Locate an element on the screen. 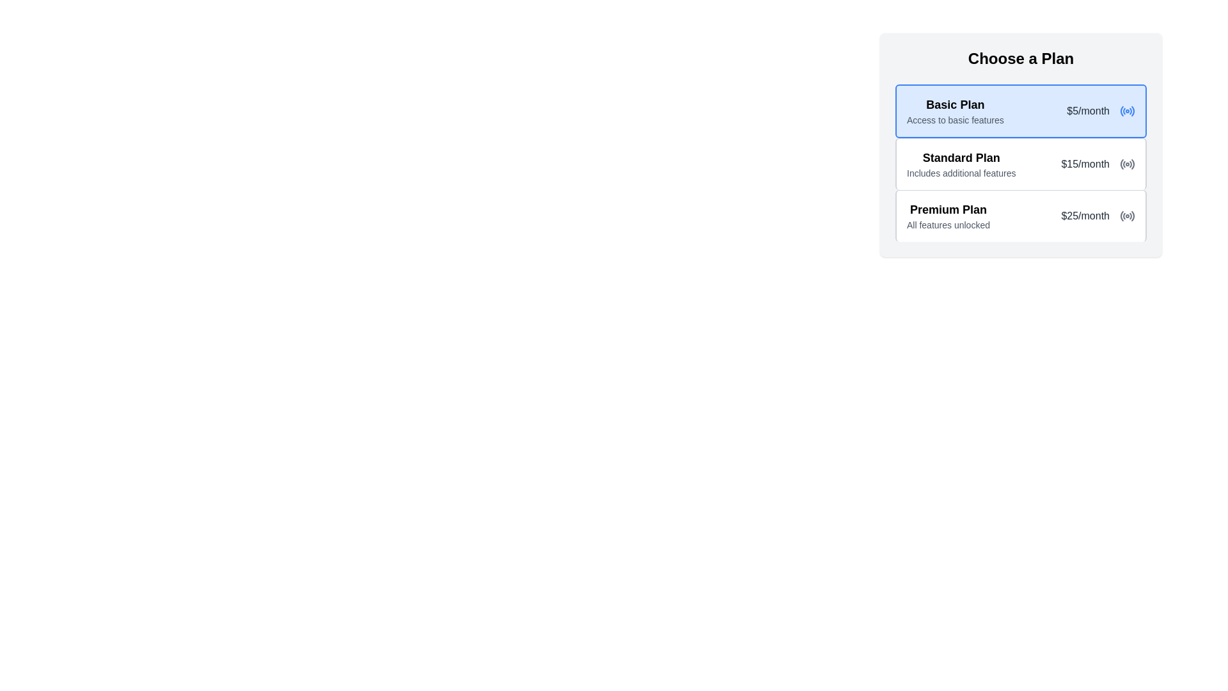 This screenshot has width=1228, height=691. the label with the text 'Access to basic features' which is styled in gray small font and located beneath the 'Basic Plan' title in the first card under the 'Choose a Plan' header is located at coordinates (955, 120).